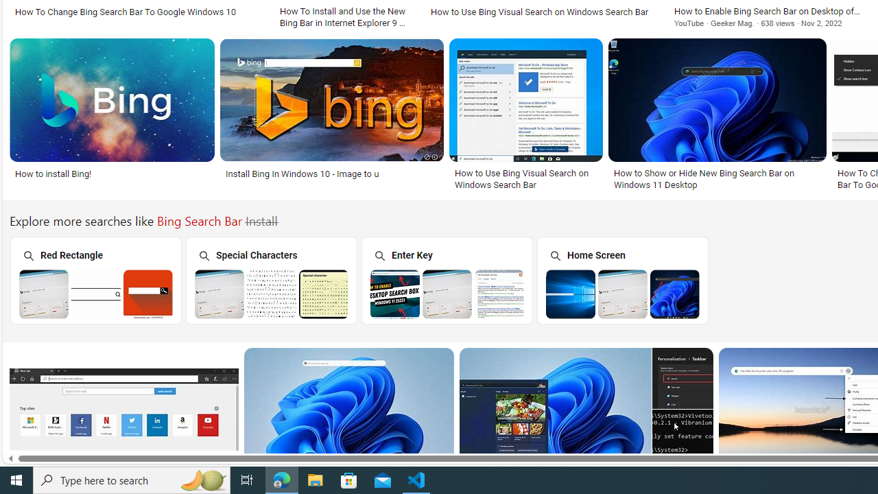 The width and height of the screenshot is (878, 494). I want to click on 'How to Use Bing Visual Search on Windows Search BarSave', so click(528, 115).